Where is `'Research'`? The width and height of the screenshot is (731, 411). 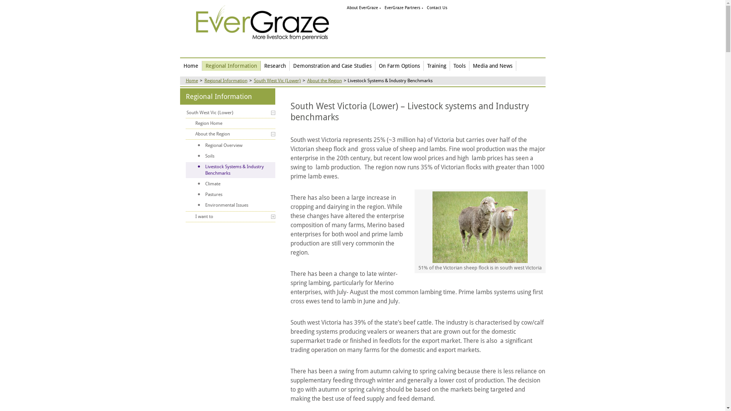
'Research' is located at coordinates (260, 65).